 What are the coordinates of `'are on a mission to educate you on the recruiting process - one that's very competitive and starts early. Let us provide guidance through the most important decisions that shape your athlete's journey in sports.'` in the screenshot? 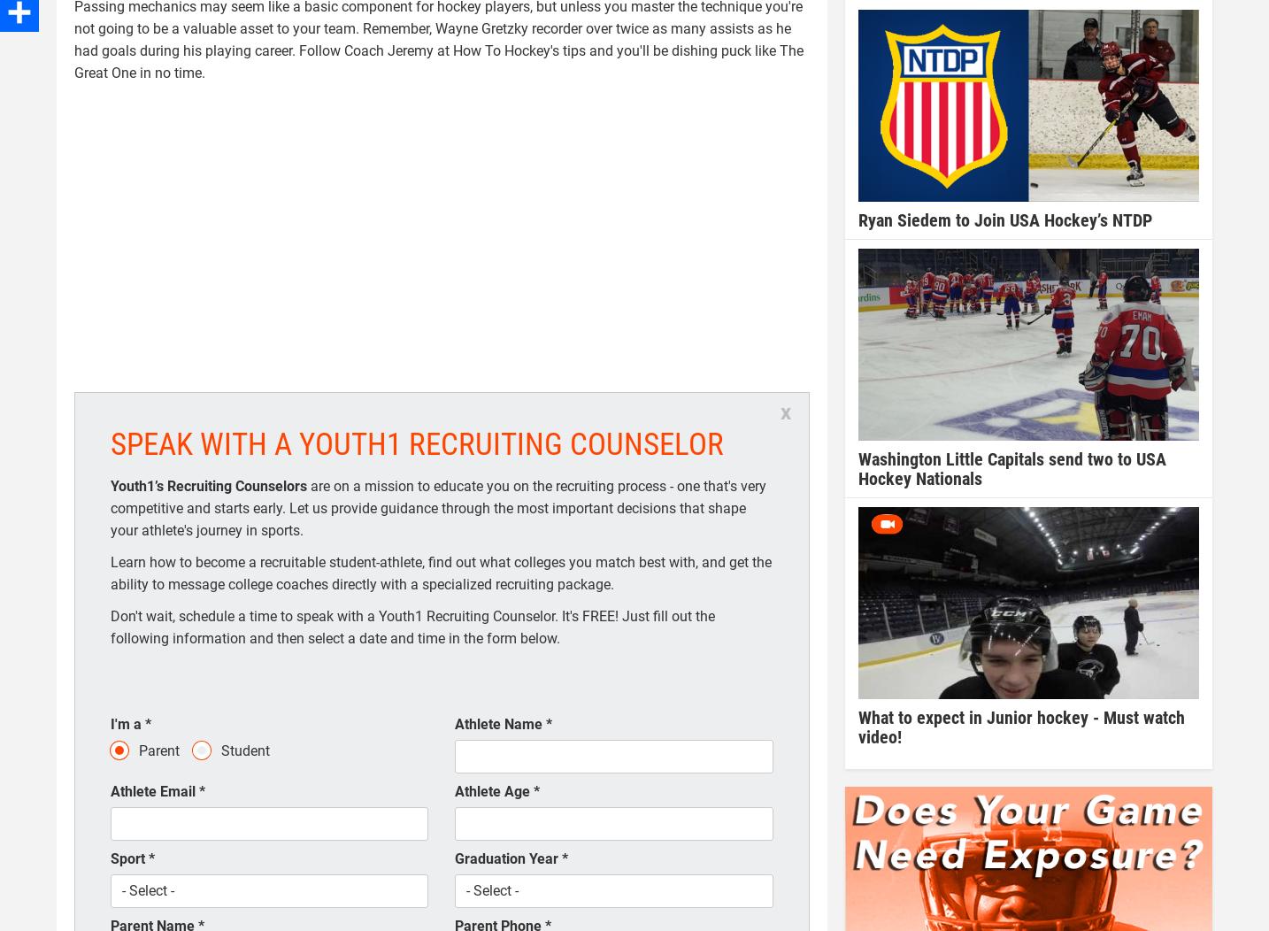 It's located at (111, 507).